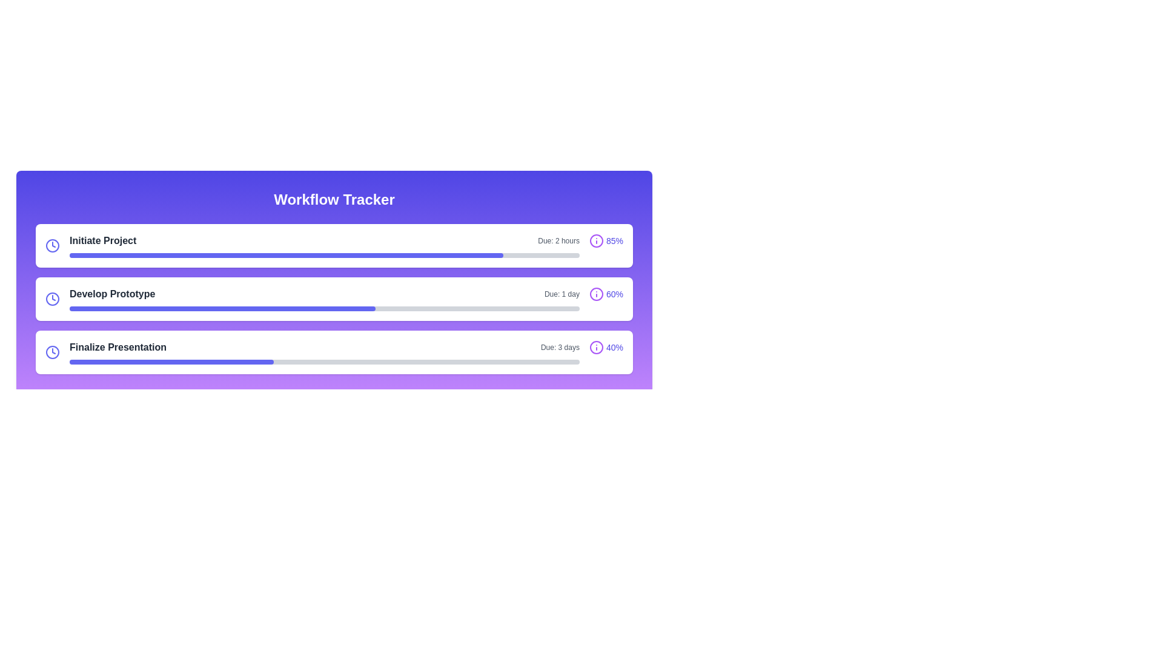 The width and height of the screenshot is (1163, 654). Describe the element at coordinates (325, 254) in the screenshot. I see `the progress displayed on the progress bar under the 'Initiate Project' panel, which indicates 85% completion` at that location.